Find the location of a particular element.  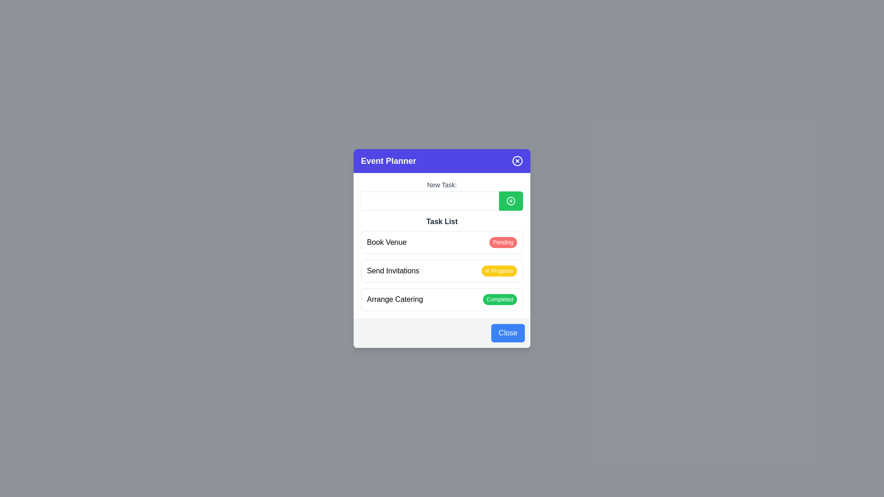

the status badge indicating the completion status of the 'Arrange Catering' task, positioned to the right of the task label is located at coordinates (499, 300).